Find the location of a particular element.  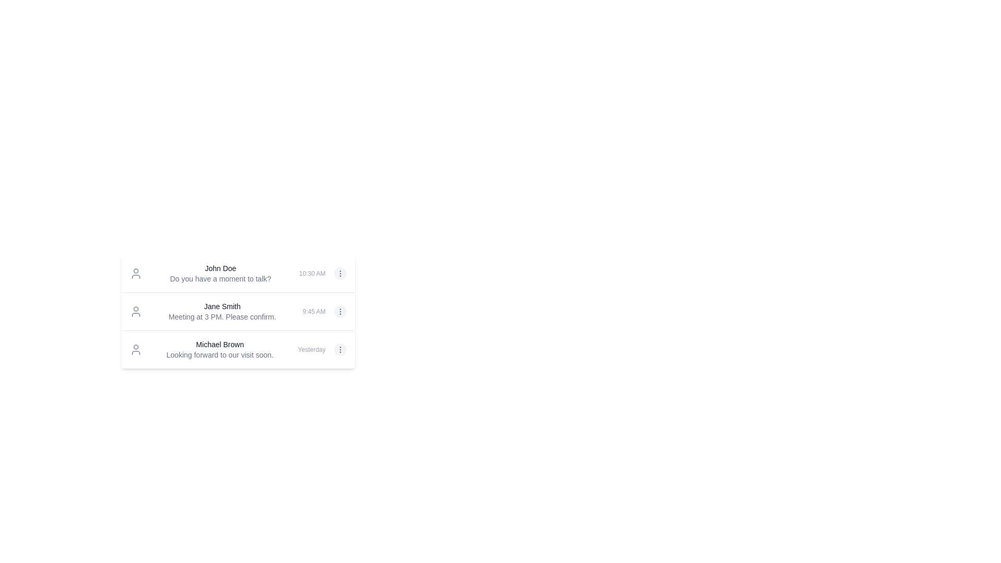

the interactive menu trigger button located to the right of the message titled 'Jane Smith' which displays 'Meeting at 3 PM. Please confirm.' at timestamp '9:45 AM' is located at coordinates (340, 311).